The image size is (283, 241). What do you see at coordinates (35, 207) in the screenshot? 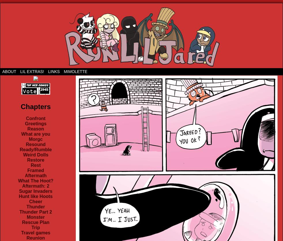
I see `'Thunder'` at bounding box center [35, 207].